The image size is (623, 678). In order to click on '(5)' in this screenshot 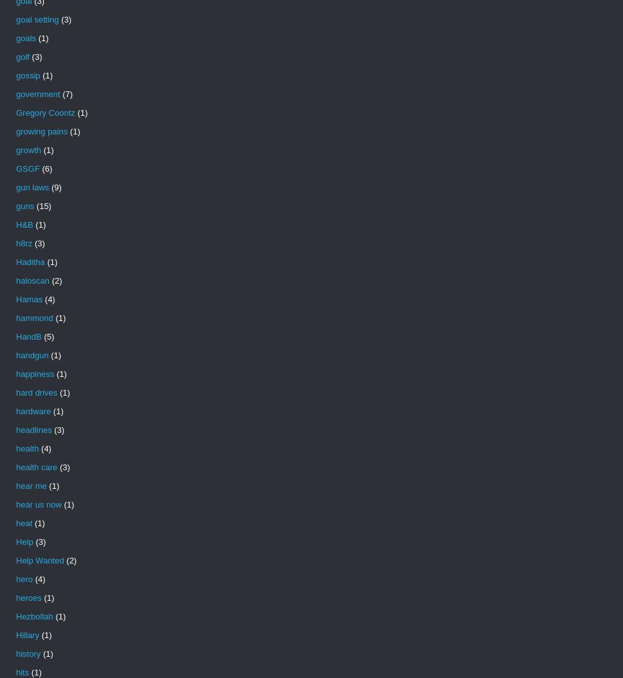, I will do `click(48, 336)`.